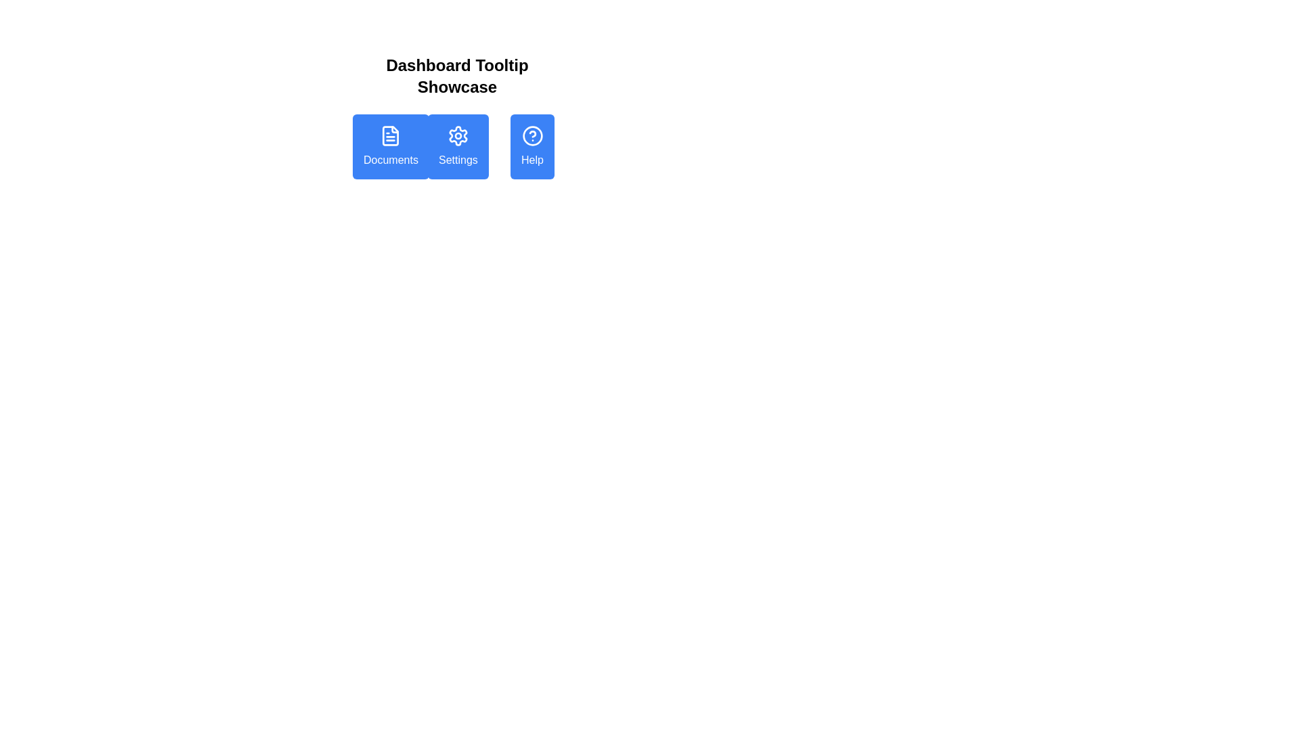 This screenshot has width=1300, height=731. Describe the element at coordinates (532, 146) in the screenshot. I see `the help button located in the top-right section of the main button group below the 'Dashboard Tooltip Showcase' heading` at that location.